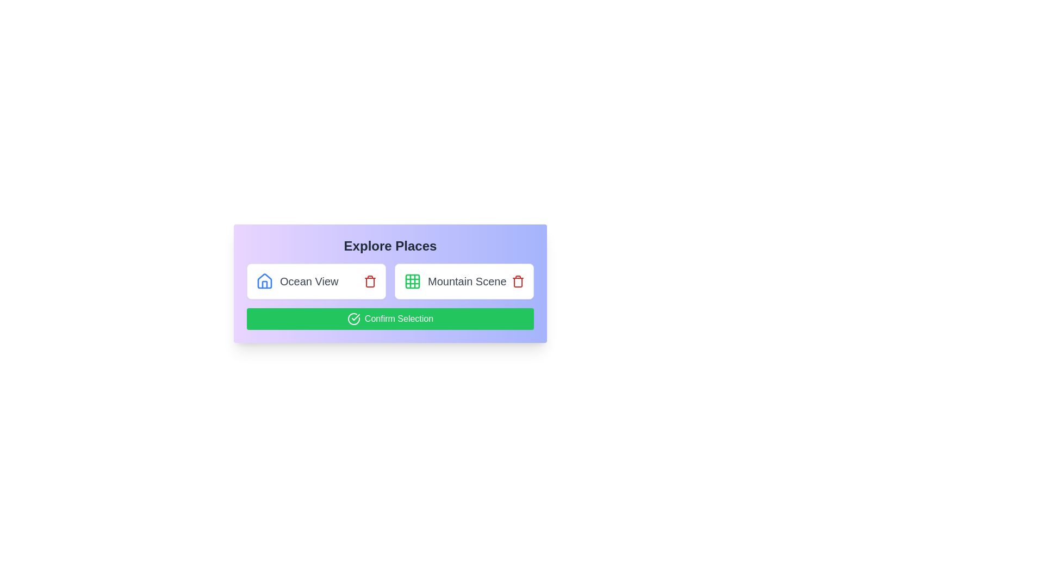  I want to click on the 'Ocean View' icon located in the upper-left corner of the 'Explore Places' section, so click(264, 280).